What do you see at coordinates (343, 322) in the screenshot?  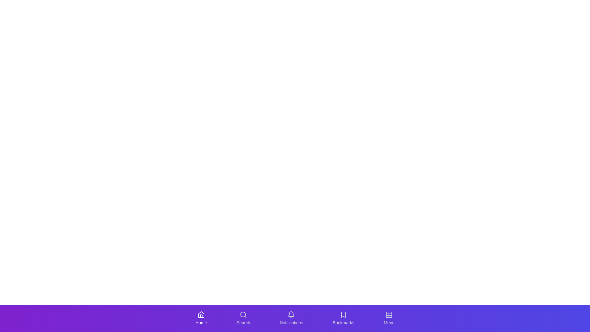 I see `the Bookmarks label in the SocialBottomNavigation component` at bounding box center [343, 322].